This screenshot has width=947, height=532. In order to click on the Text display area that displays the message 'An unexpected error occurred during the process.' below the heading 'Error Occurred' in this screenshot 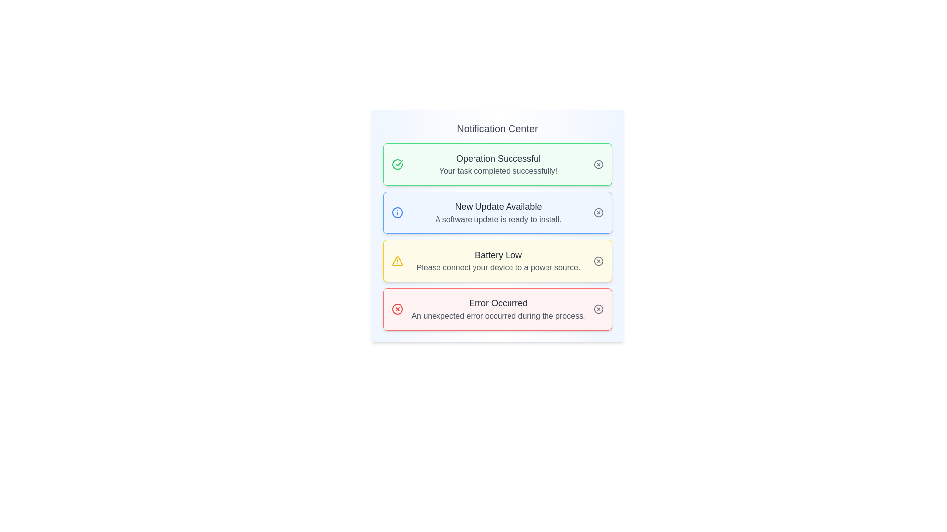, I will do `click(498, 316)`.